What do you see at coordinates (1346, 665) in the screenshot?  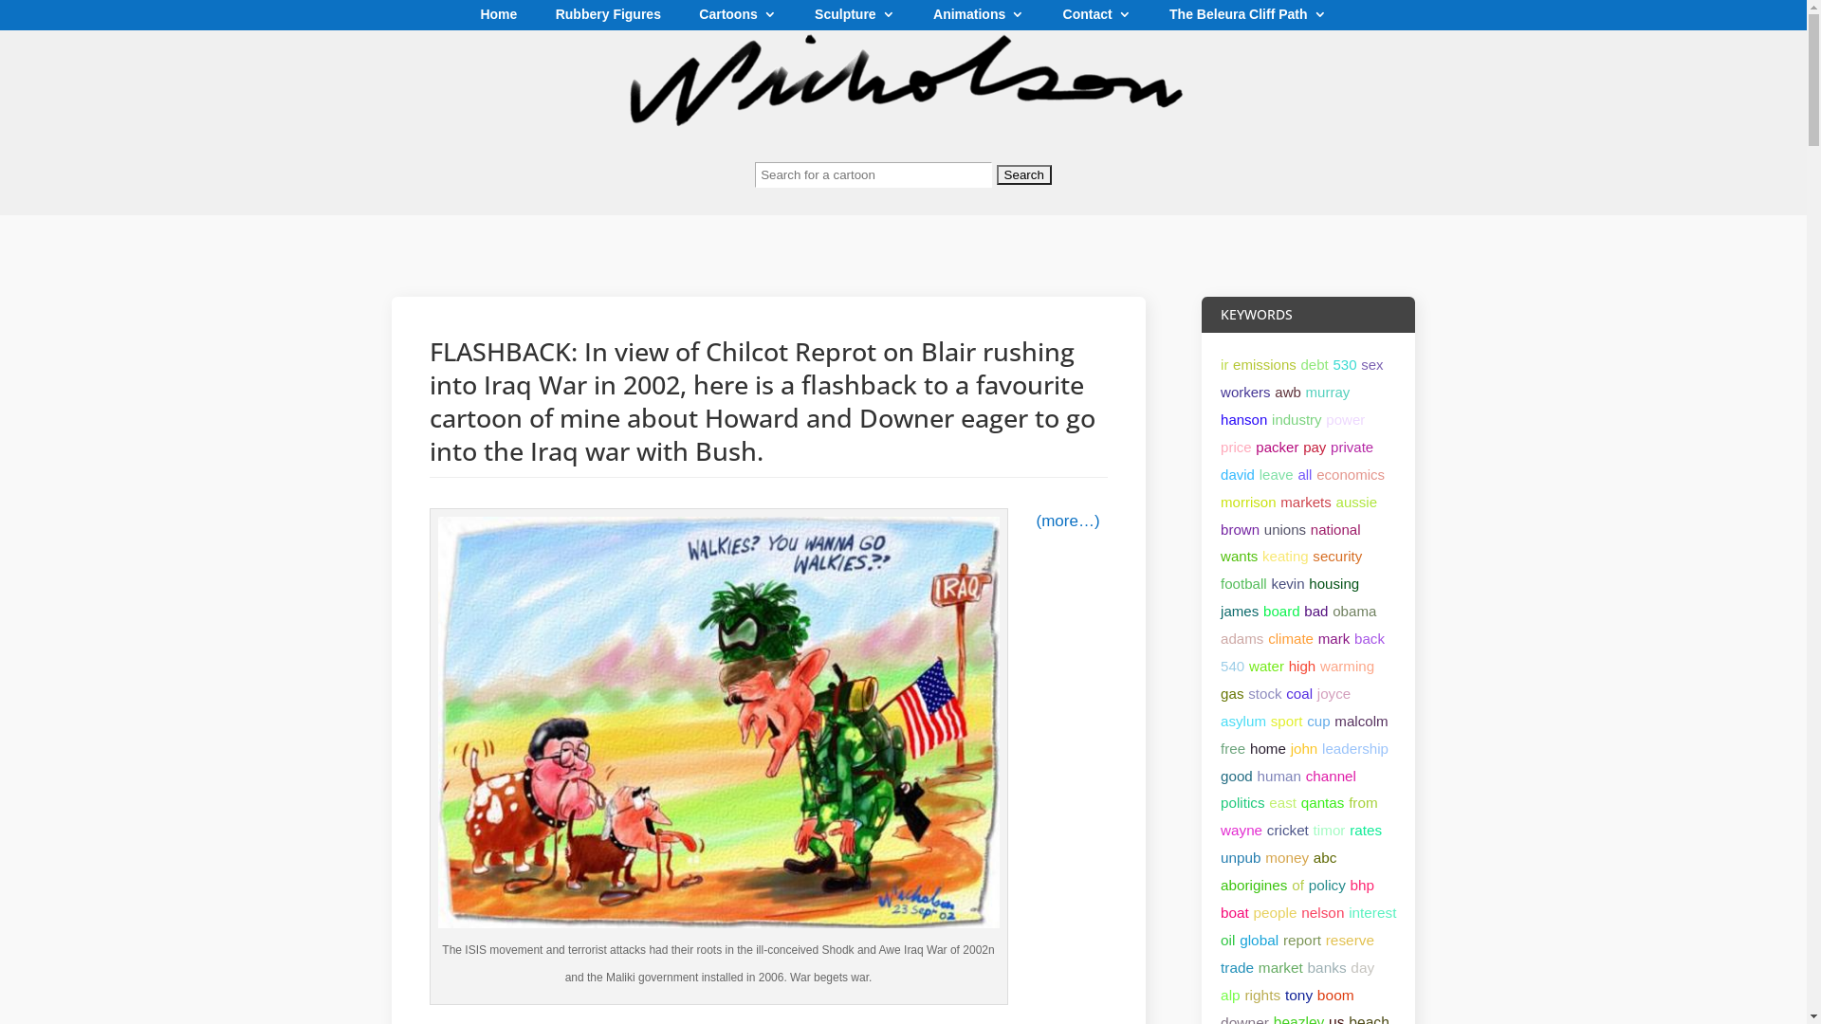 I see `'warming'` at bounding box center [1346, 665].